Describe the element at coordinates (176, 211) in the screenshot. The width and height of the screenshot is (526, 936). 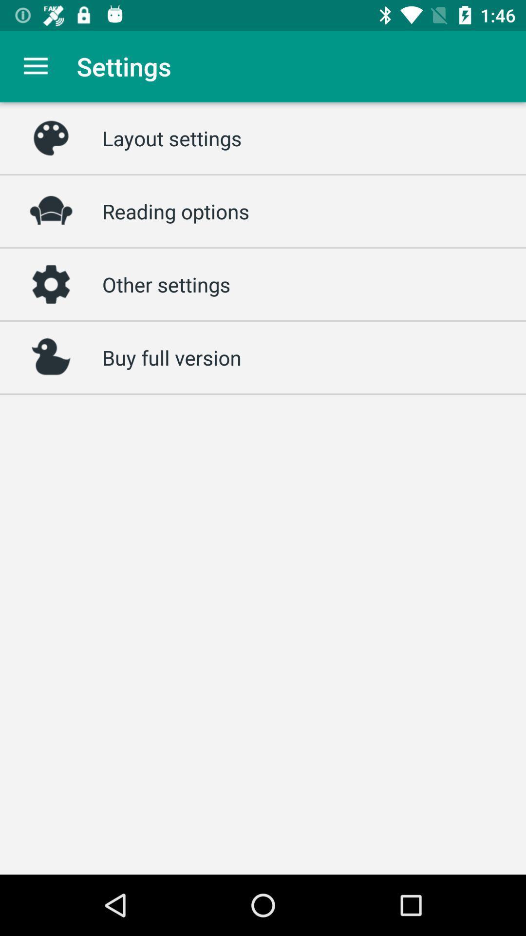
I see `the reading options` at that location.